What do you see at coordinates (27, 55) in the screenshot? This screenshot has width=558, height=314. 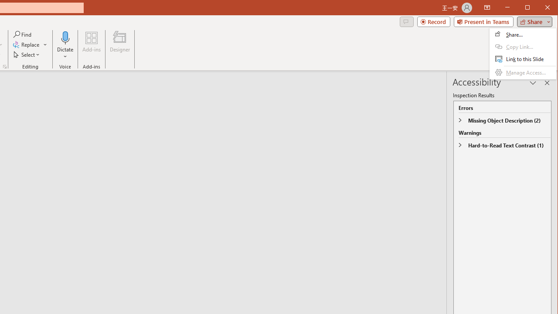 I see `'Select'` at bounding box center [27, 55].